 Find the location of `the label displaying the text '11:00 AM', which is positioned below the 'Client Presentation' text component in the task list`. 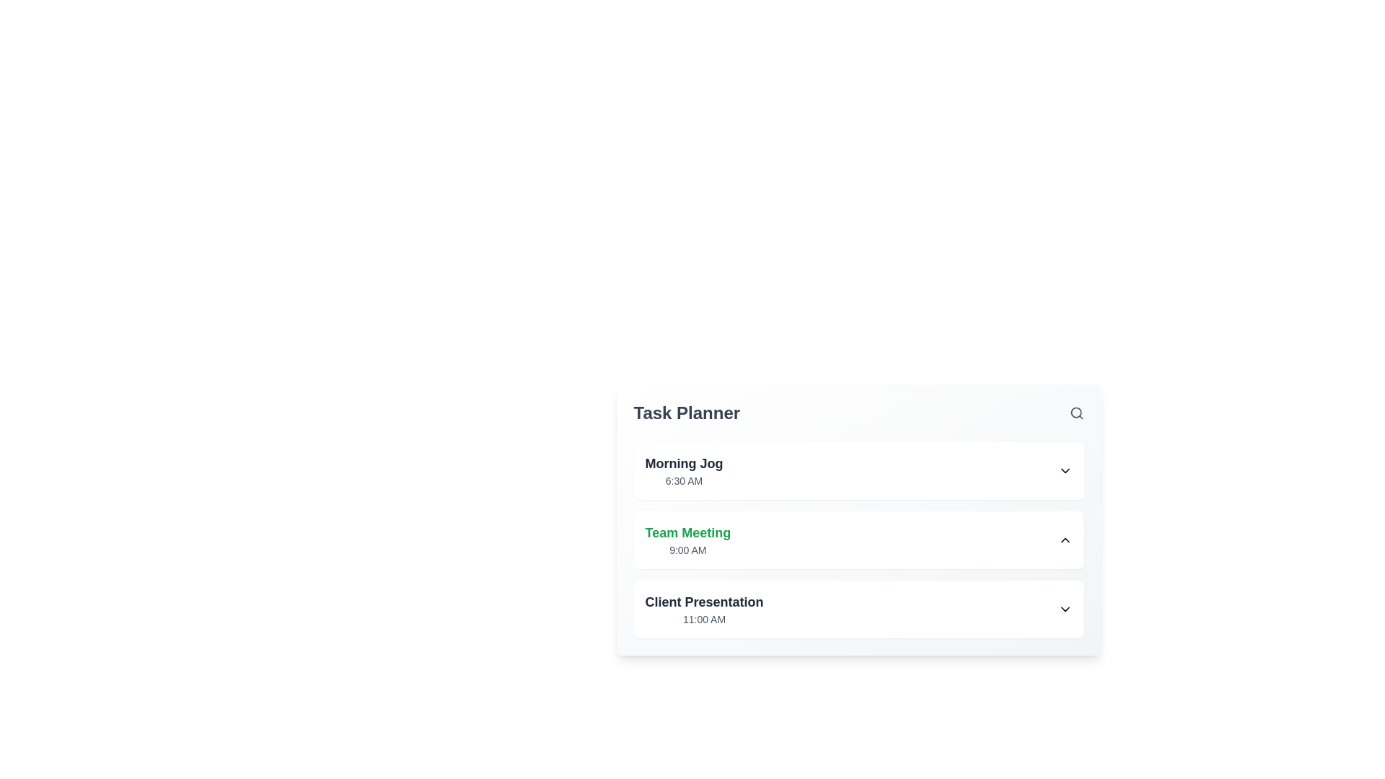

the label displaying the text '11:00 AM', which is positioned below the 'Client Presentation' text component in the task list is located at coordinates (704, 619).